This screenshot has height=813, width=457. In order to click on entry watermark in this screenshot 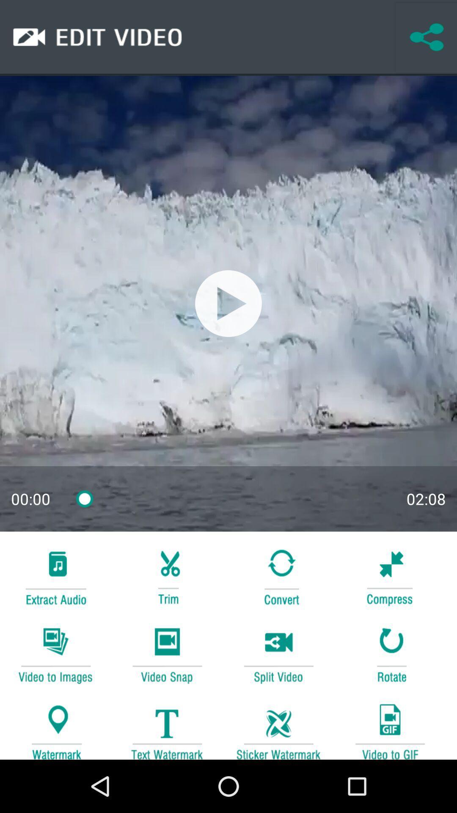, I will do `click(55, 727)`.